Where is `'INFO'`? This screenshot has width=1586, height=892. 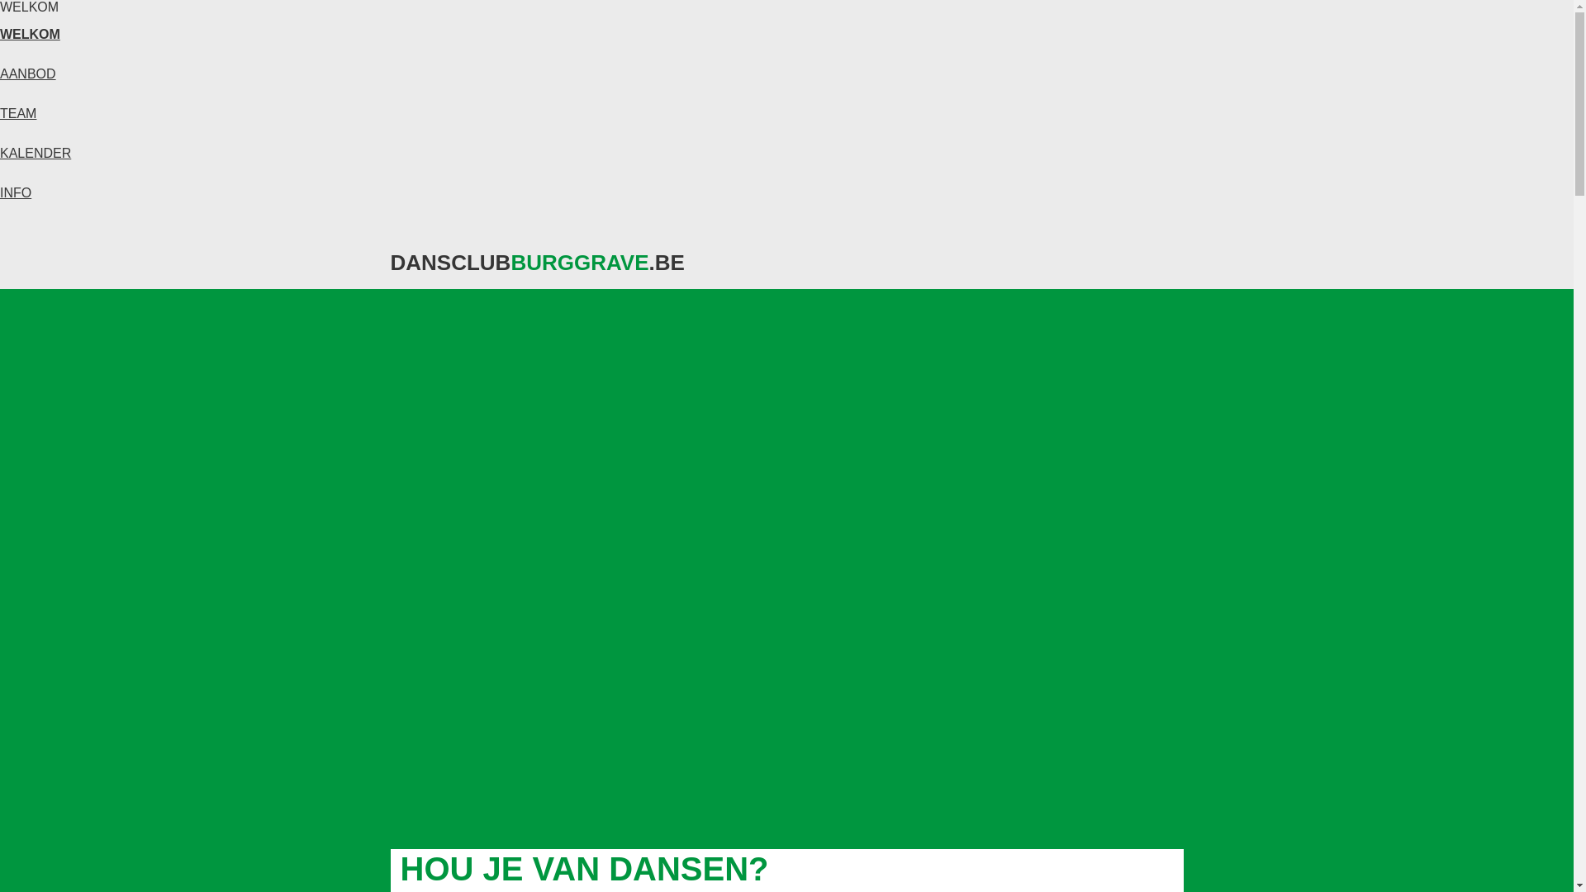 'INFO' is located at coordinates (16, 192).